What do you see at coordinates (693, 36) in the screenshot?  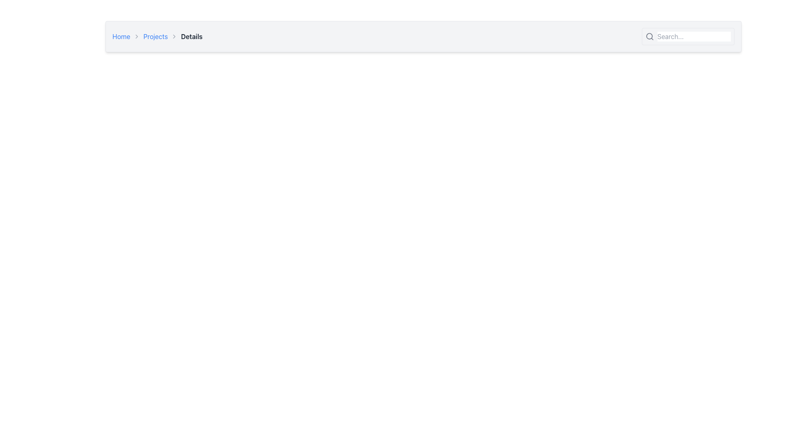 I see `the search bar located at the top-right area of the interface to focus on the input field` at bounding box center [693, 36].